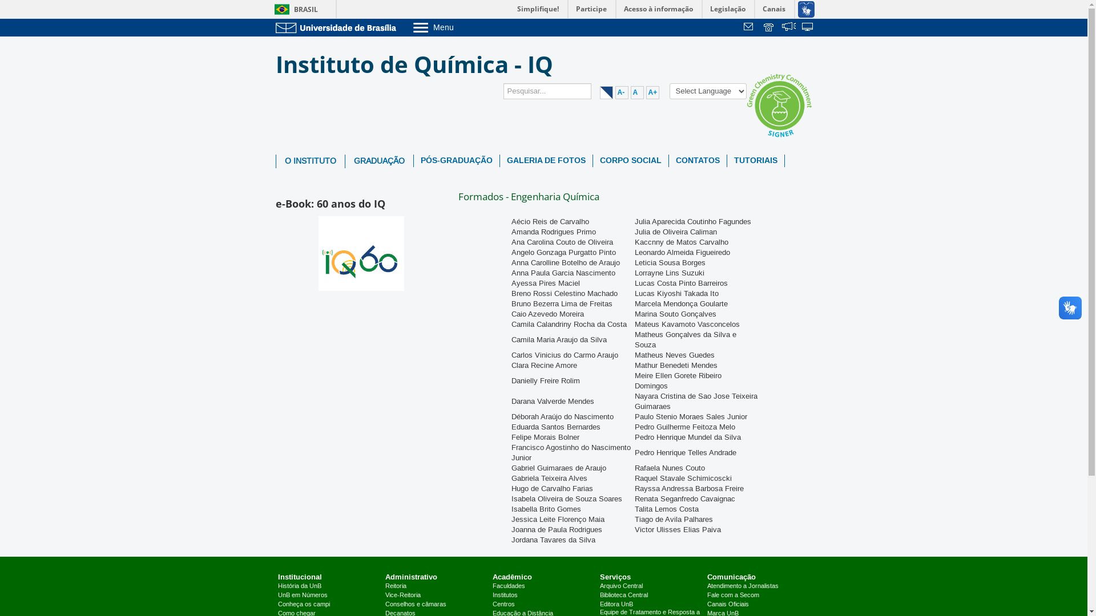  What do you see at coordinates (750, 27) in the screenshot?
I see `' '` at bounding box center [750, 27].